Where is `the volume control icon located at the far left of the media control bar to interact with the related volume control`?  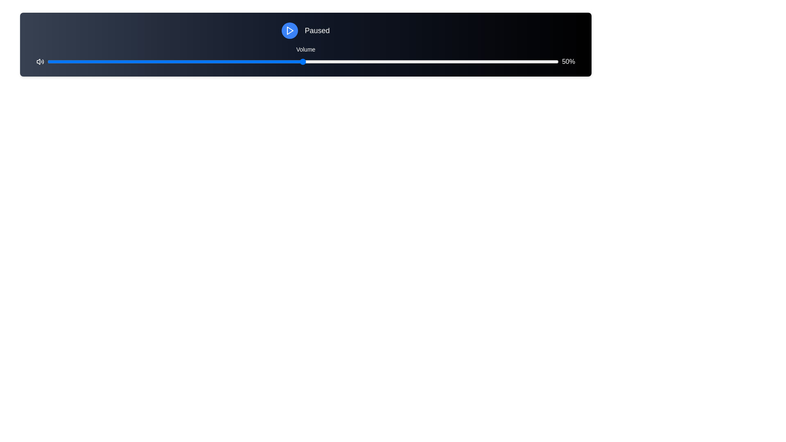
the volume control icon located at the far left of the media control bar to interact with the related volume control is located at coordinates (38, 61).